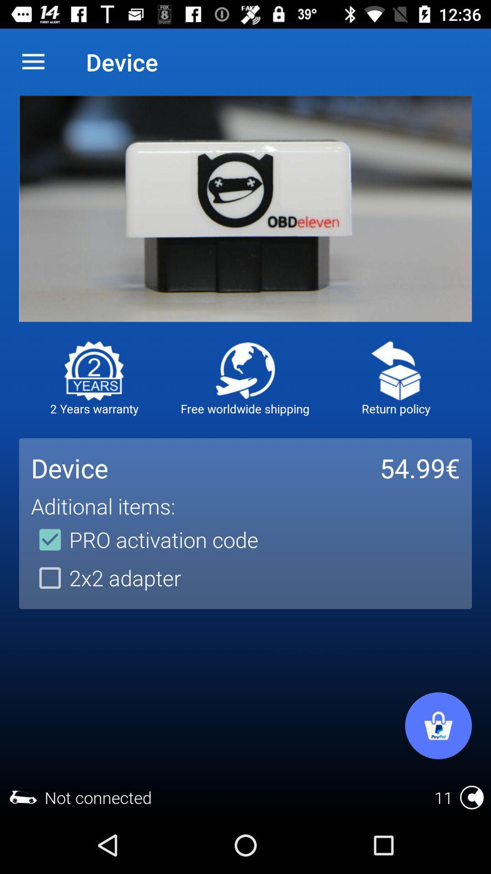  I want to click on payment option paypal button ordering, so click(438, 725).